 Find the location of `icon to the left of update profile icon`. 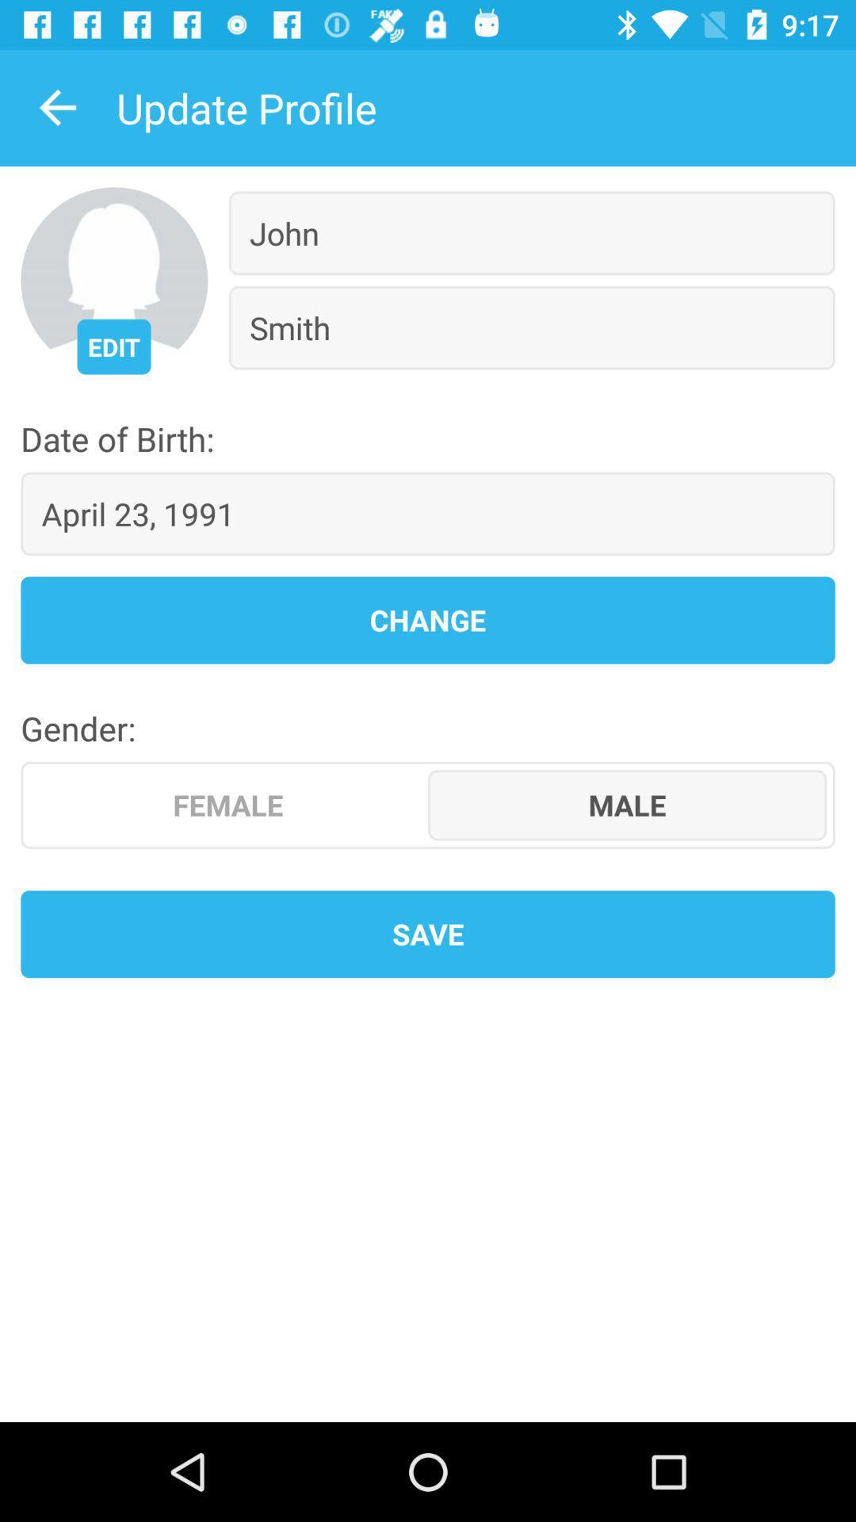

icon to the left of update profile icon is located at coordinates (57, 107).